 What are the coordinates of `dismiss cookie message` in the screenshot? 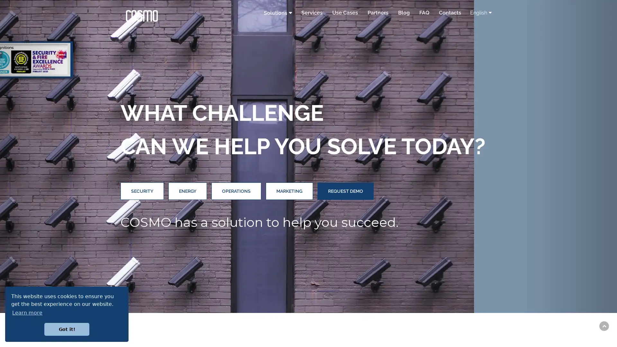 It's located at (67, 329).